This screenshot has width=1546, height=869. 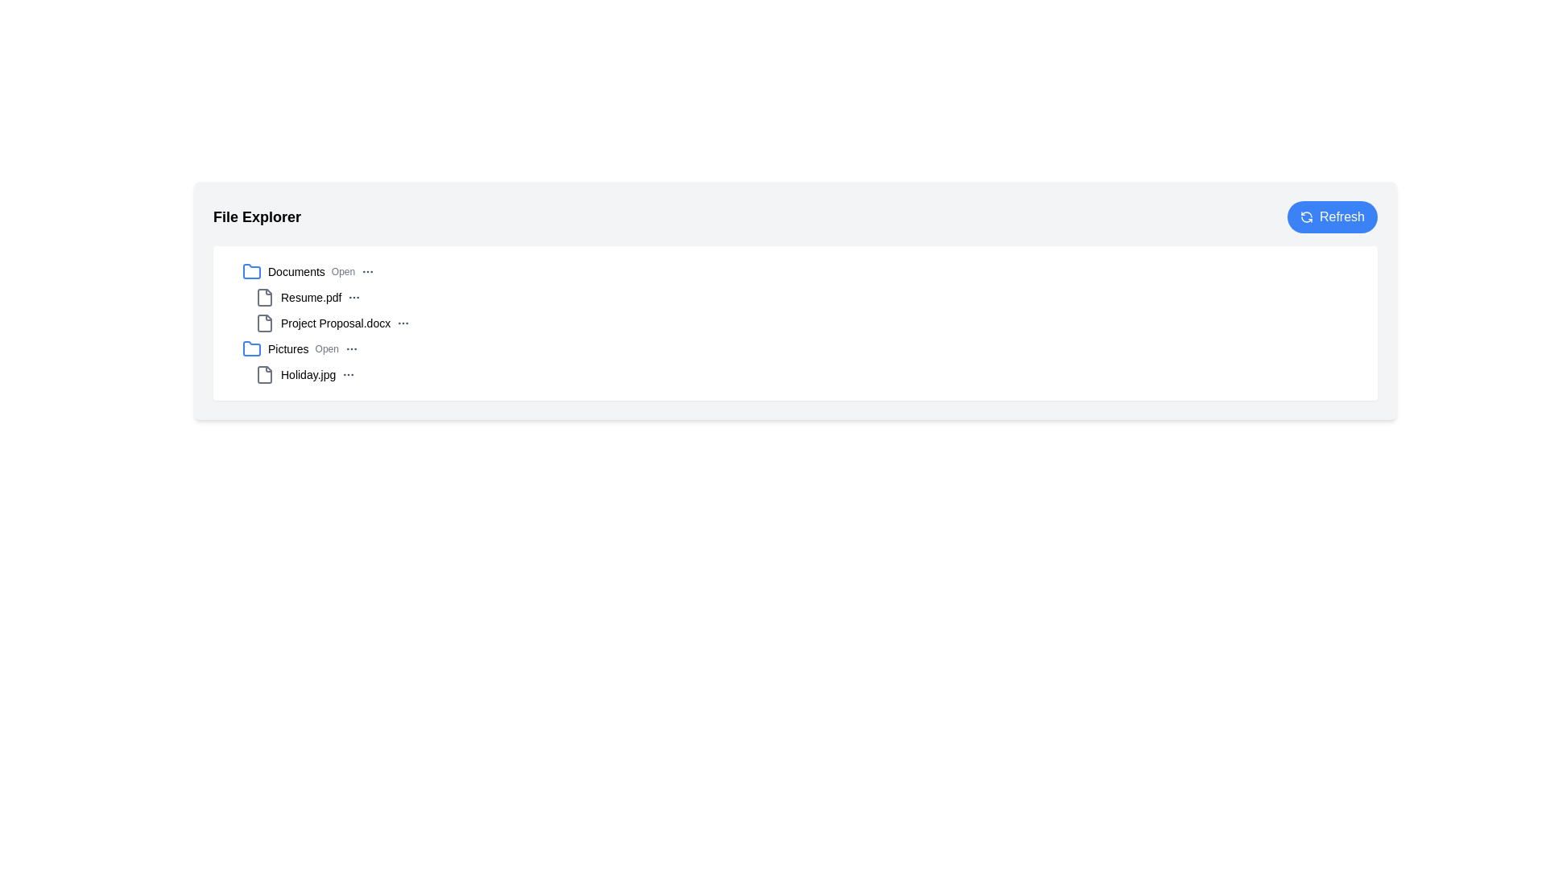 What do you see at coordinates (265, 323) in the screenshot?
I see `the file entry labeled 'Project Proposal.docx' in the File Explorer interface, which is represented by the SVG file icon located to the left of the file name` at bounding box center [265, 323].